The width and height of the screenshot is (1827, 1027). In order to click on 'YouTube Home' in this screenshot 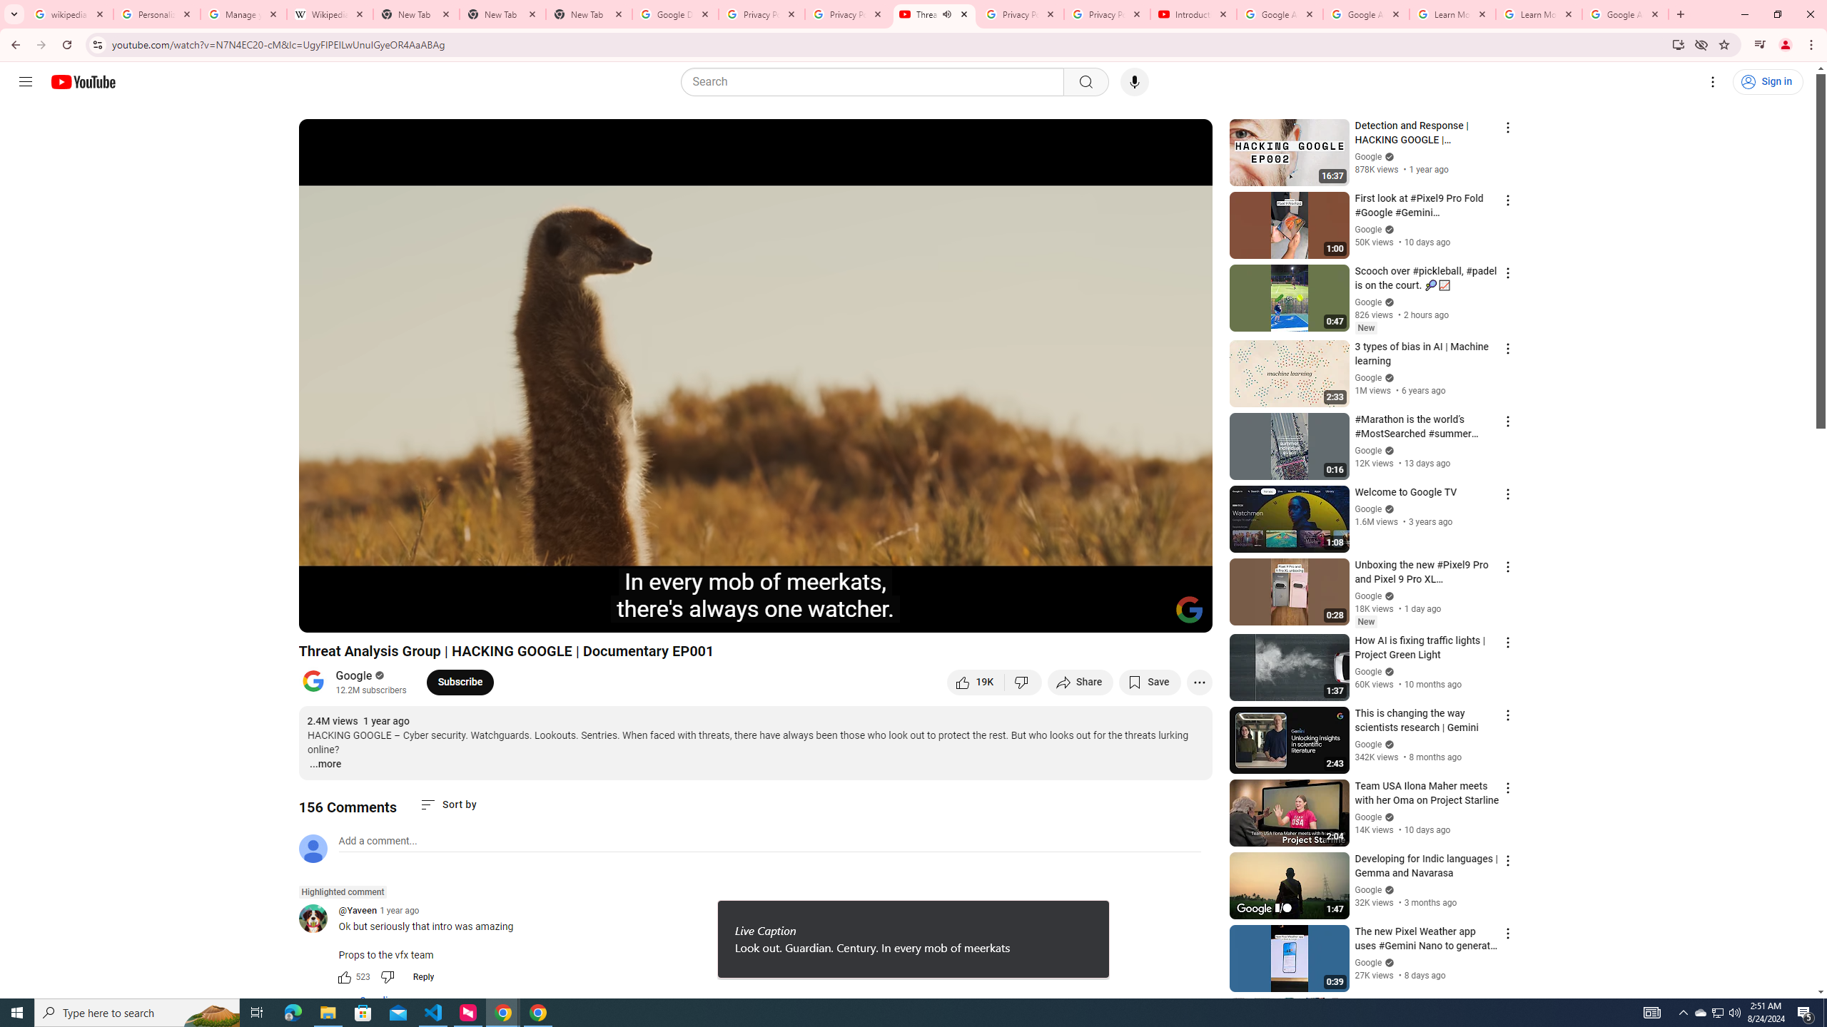, I will do `click(82, 81)`.